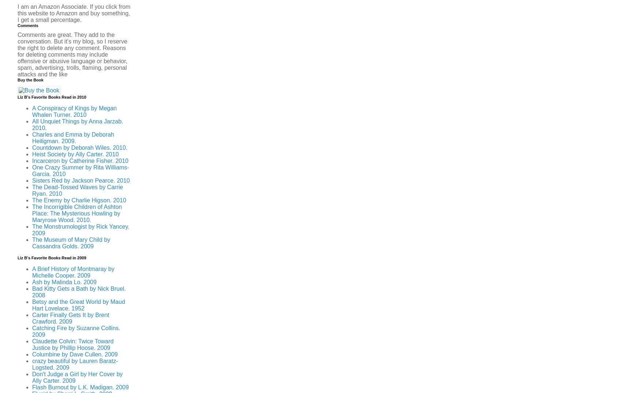 The width and height of the screenshot is (625, 393). Describe the element at coordinates (75, 364) in the screenshot. I see `'crazy beautiful by Lauren Baratz-Logsted. 2009'` at that location.